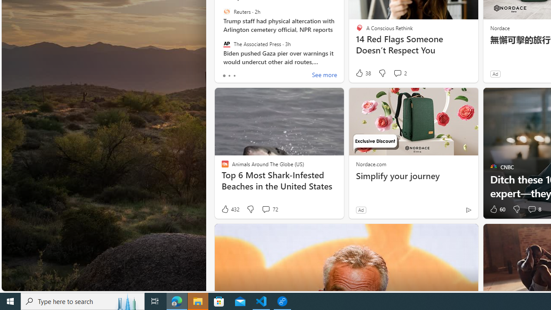  Describe the element at coordinates (229, 75) in the screenshot. I see `'tab-1'` at that location.